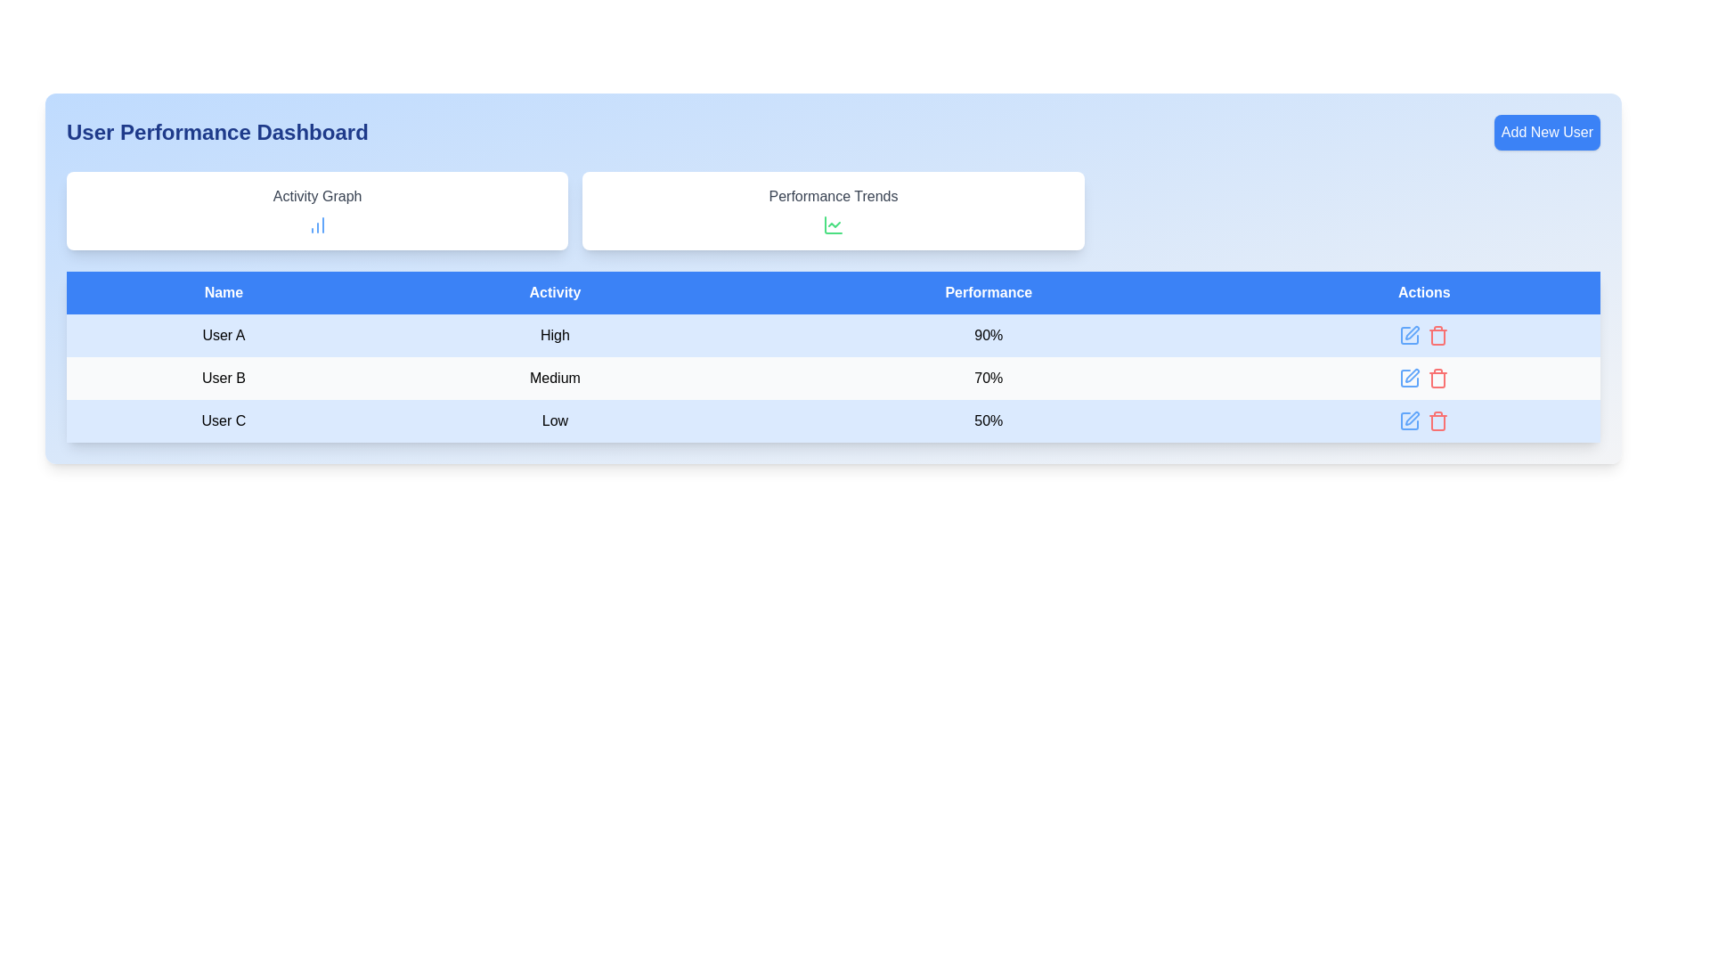 This screenshot has height=962, width=1710. Describe the element at coordinates (1546, 132) in the screenshot. I see `the button with rounded corners and a vivid blue background that reads 'Add New User' located at the upper-right corner of the interface` at that location.